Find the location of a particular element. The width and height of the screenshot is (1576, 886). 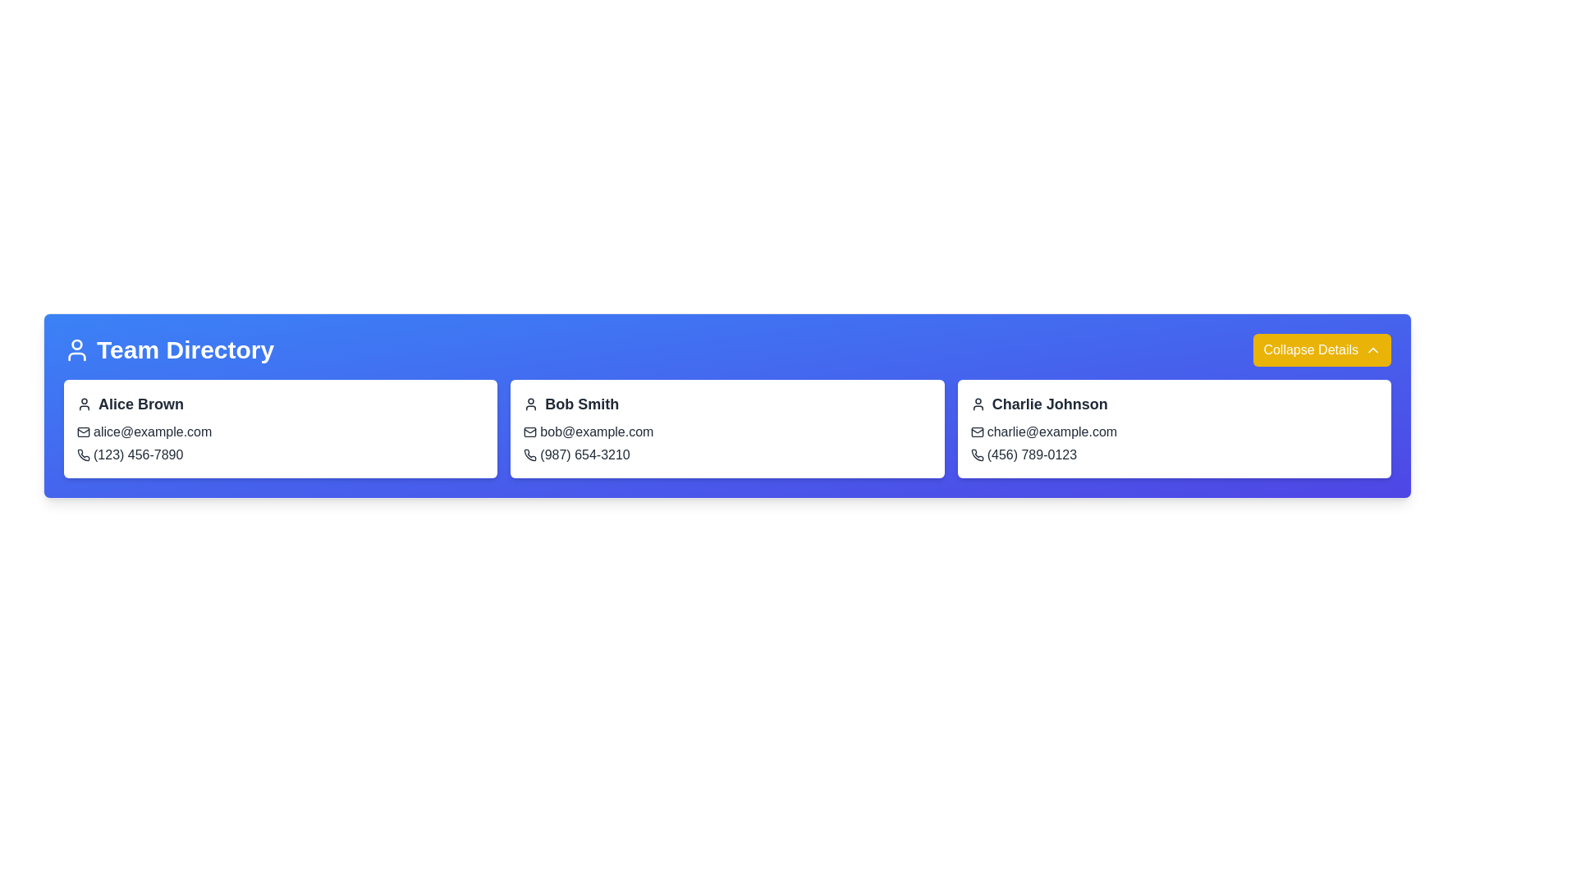

the user name label displaying 'Charlie Johnson' with an associated user icon on the first card in the team member list is located at coordinates (1038, 404).